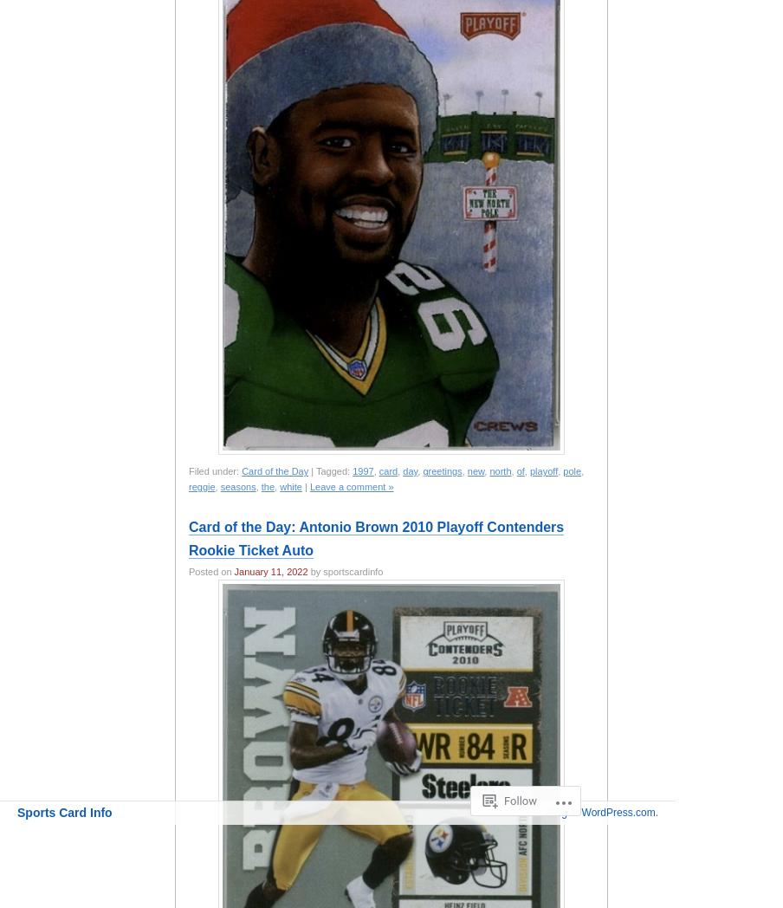  I want to click on 'Card of the Day: Antonio Brown 2010 Playoff Contenders Rookie Ticket Auto', so click(376, 537).